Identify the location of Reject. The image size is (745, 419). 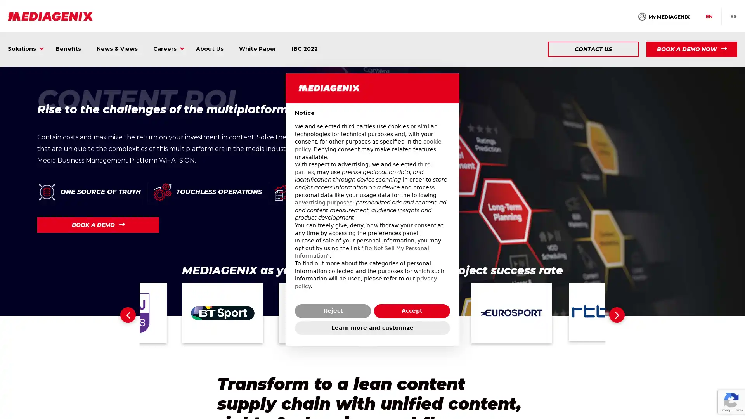
(333, 310).